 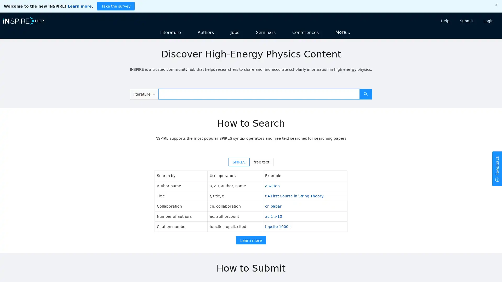 I want to click on More..., so click(x=343, y=32).